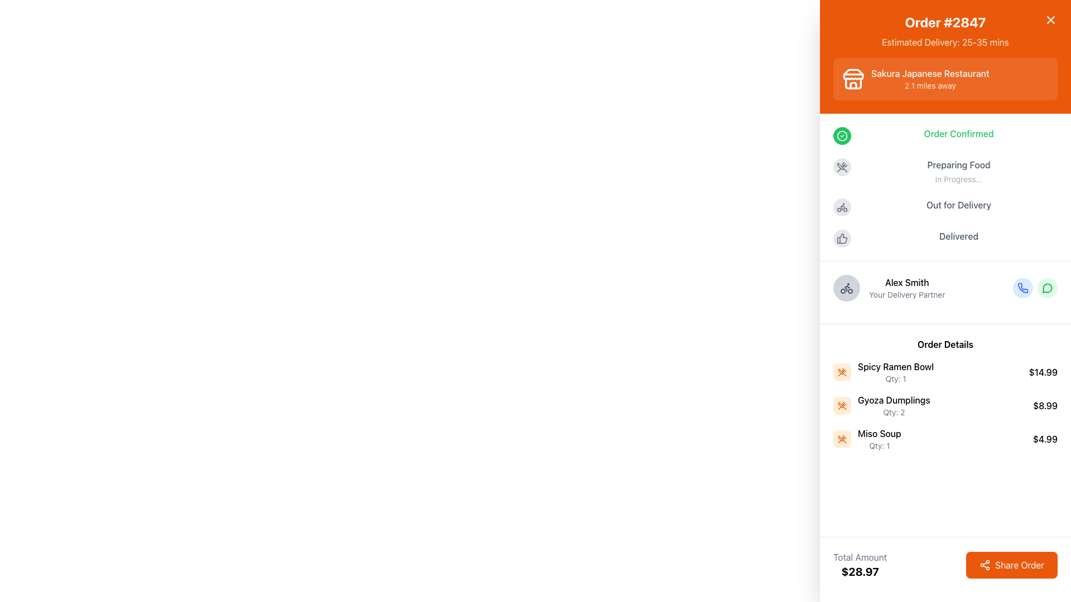 The width and height of the screenshot is (1071, 602). What do you see at coordinates (1043, 372) in the screenshot?
I see `the static text label displaying the price of 'Spicy Ramen Bowl' in the 'Order Details' section, which is aligned with other prices` at bounding box center [1043, 372].